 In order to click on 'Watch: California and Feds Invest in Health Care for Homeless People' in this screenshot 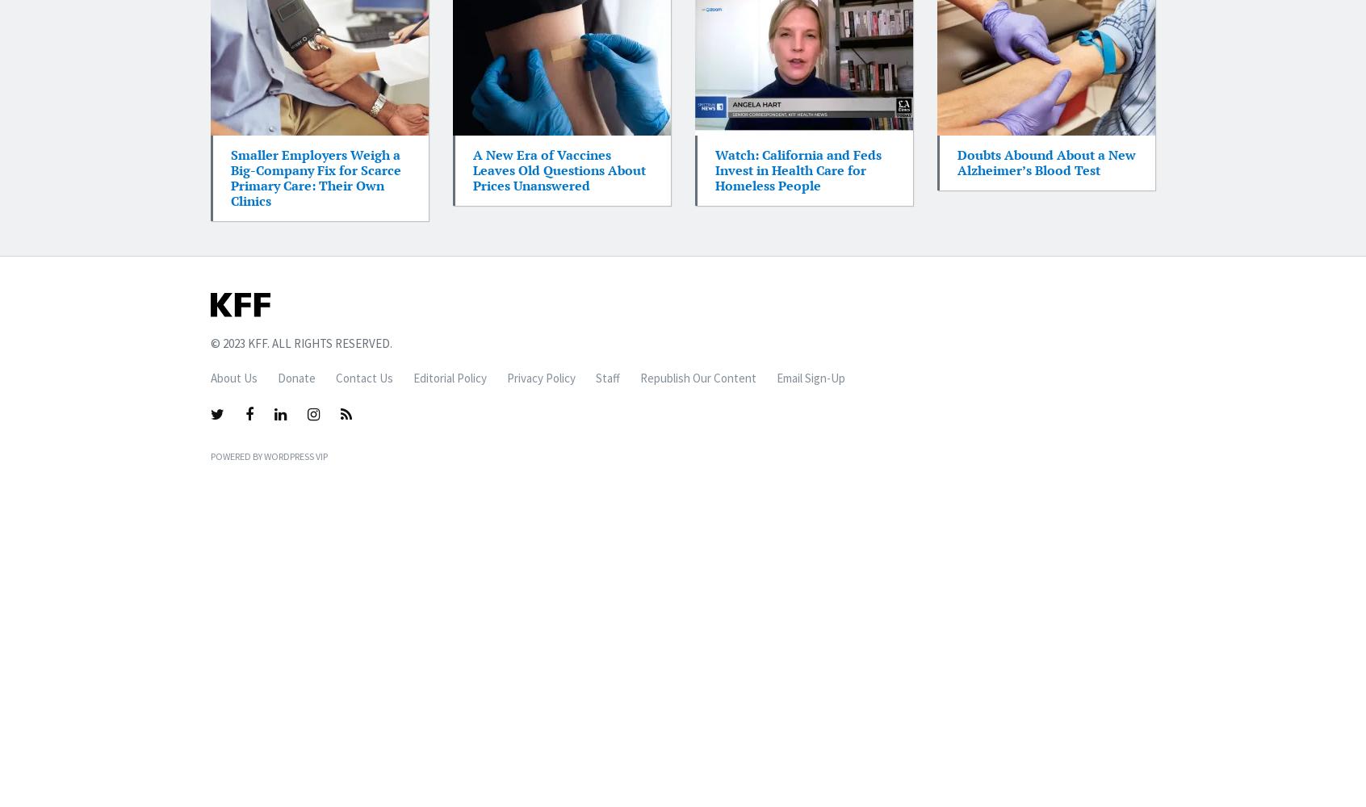, I will do `click(797, 169)`.